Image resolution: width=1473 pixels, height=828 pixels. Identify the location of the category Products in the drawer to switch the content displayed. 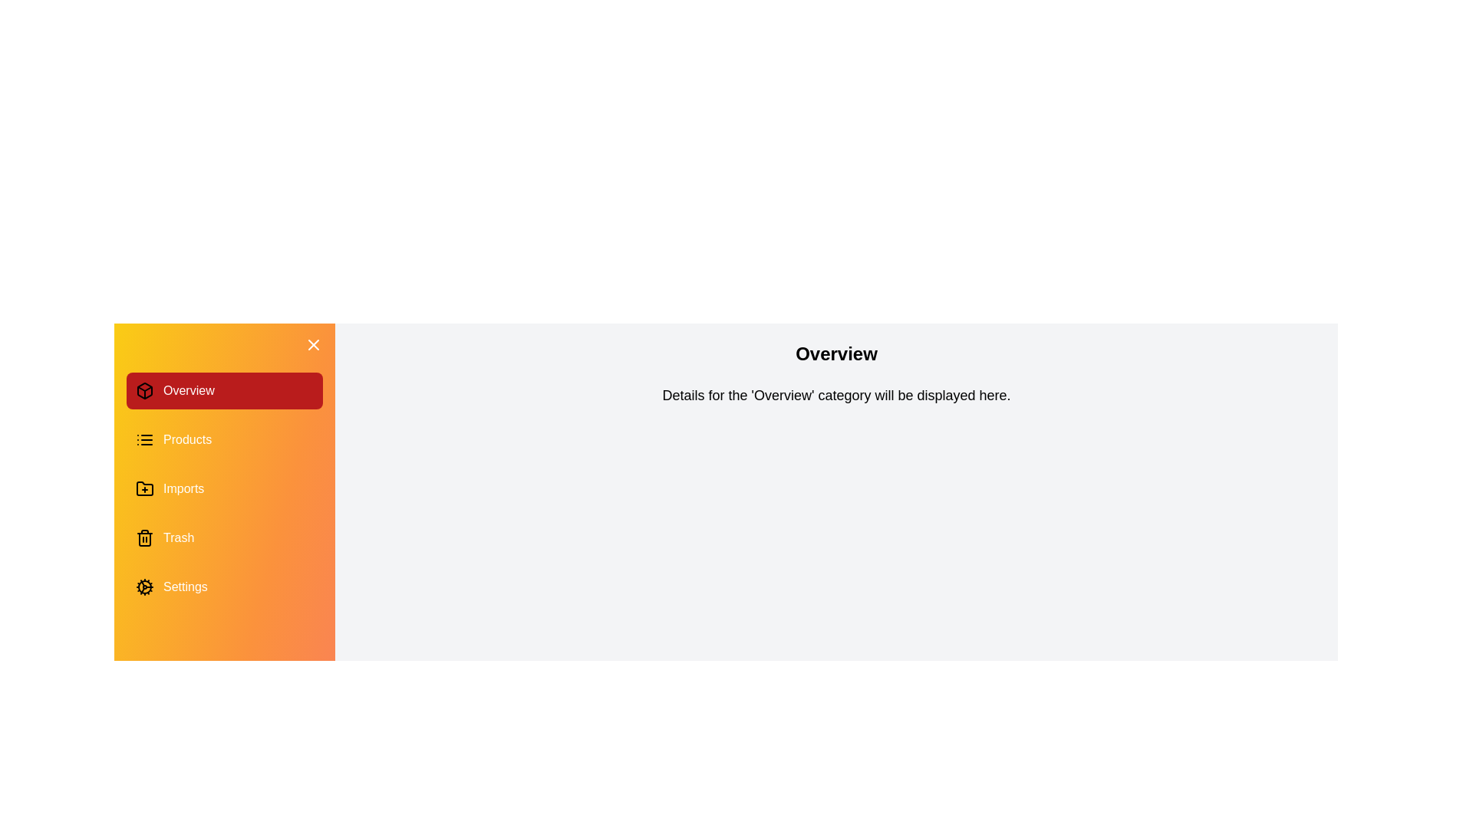
(223, 440).